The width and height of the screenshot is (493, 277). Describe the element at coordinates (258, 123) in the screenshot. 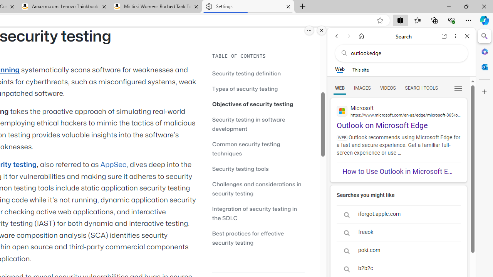

I see `'Security testing in software development'` at that location.